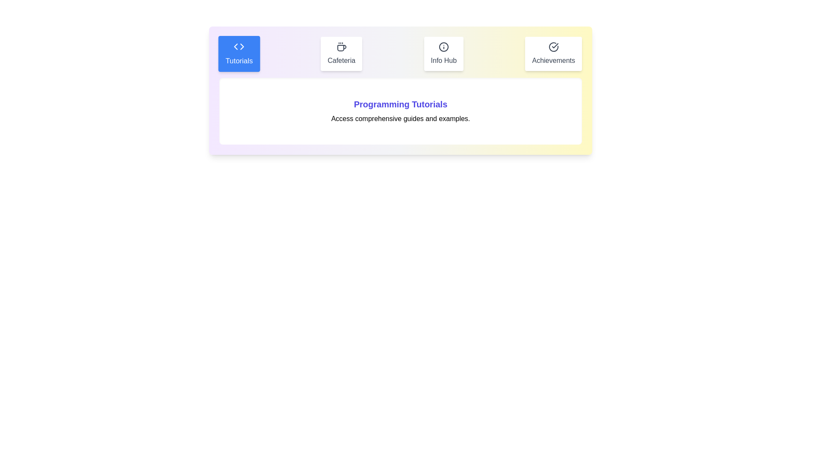 Image resolution: width=821 pixels, height=462 pixels. I want to click on the Achievements tab to view its content, so click(554, 54).